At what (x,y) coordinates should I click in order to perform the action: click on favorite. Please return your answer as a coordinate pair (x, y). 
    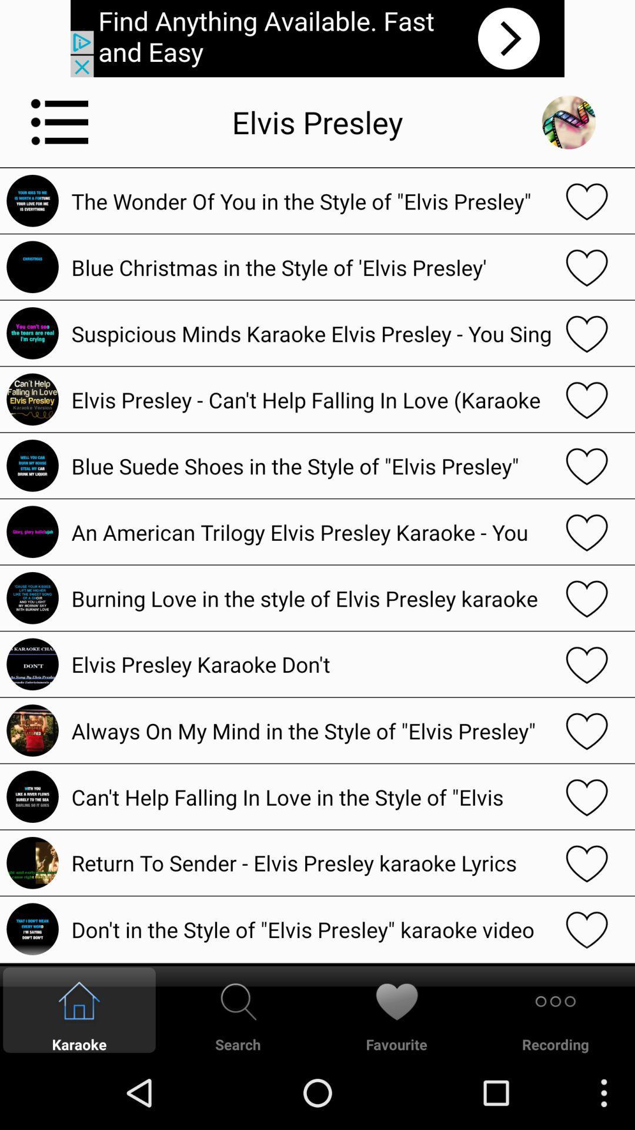
    Looking at the image, I should click on (587, 531).